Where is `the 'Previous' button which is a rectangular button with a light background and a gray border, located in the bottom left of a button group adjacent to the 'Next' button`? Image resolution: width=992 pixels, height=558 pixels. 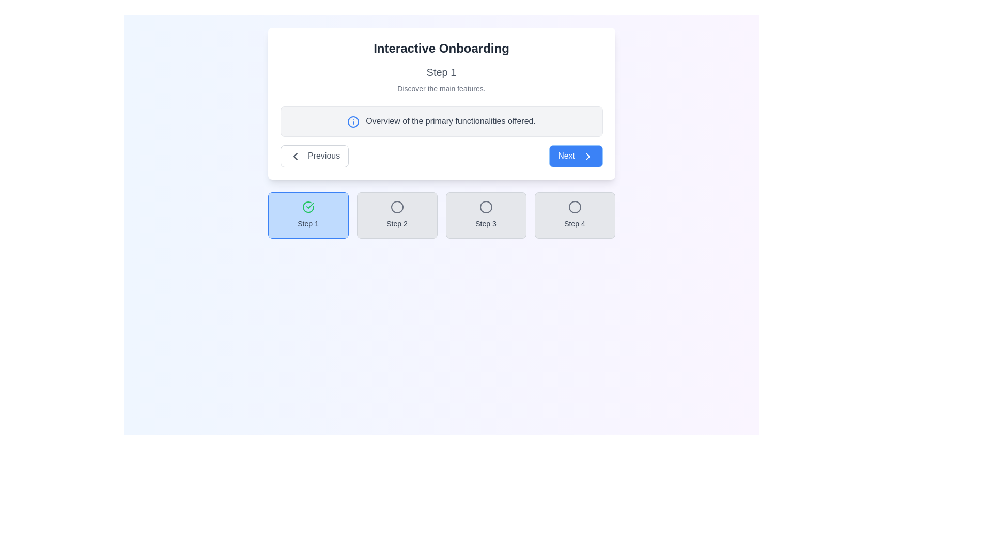
the 'Previous' button which is a rectangular button with a light background and a gray border, located in the bottom left of a button group adjacent to the 'Next' button is located at coordinates (314, 156).